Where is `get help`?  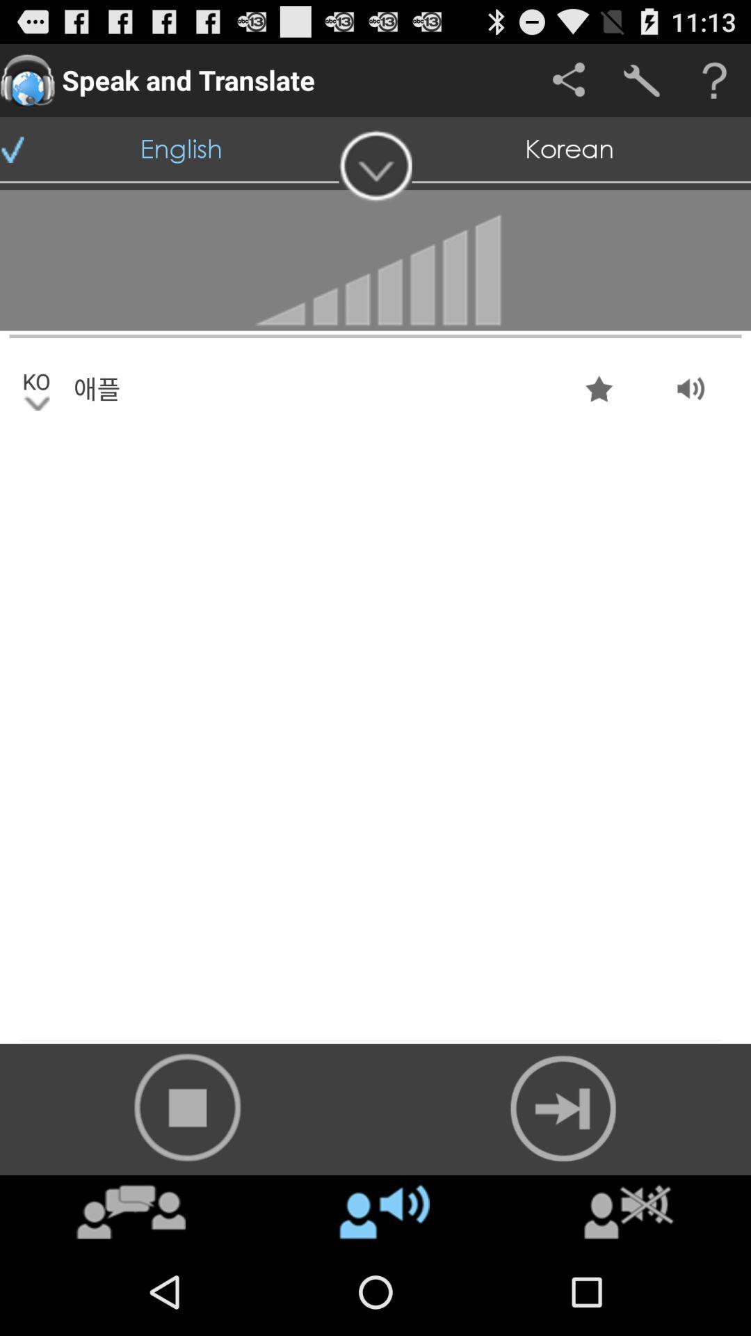
get help is located at coordinates (714, 79).